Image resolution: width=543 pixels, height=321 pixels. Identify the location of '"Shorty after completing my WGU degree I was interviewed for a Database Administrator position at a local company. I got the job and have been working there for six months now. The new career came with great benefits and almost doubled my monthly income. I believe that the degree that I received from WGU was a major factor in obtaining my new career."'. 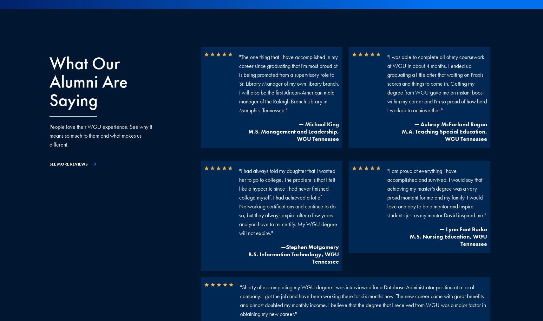
(363, 300).